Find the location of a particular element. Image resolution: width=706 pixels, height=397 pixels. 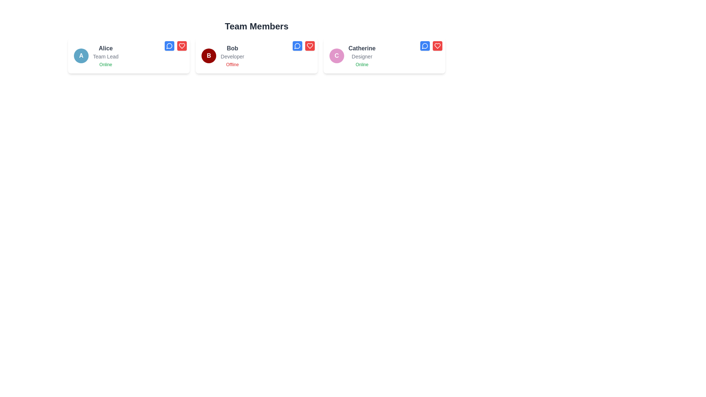

the circular profile icon with a bold white letter 'B' on a dark red background, located on the left side of Bob's card in the 'Team Members' row is located at coordinates (208, 55).